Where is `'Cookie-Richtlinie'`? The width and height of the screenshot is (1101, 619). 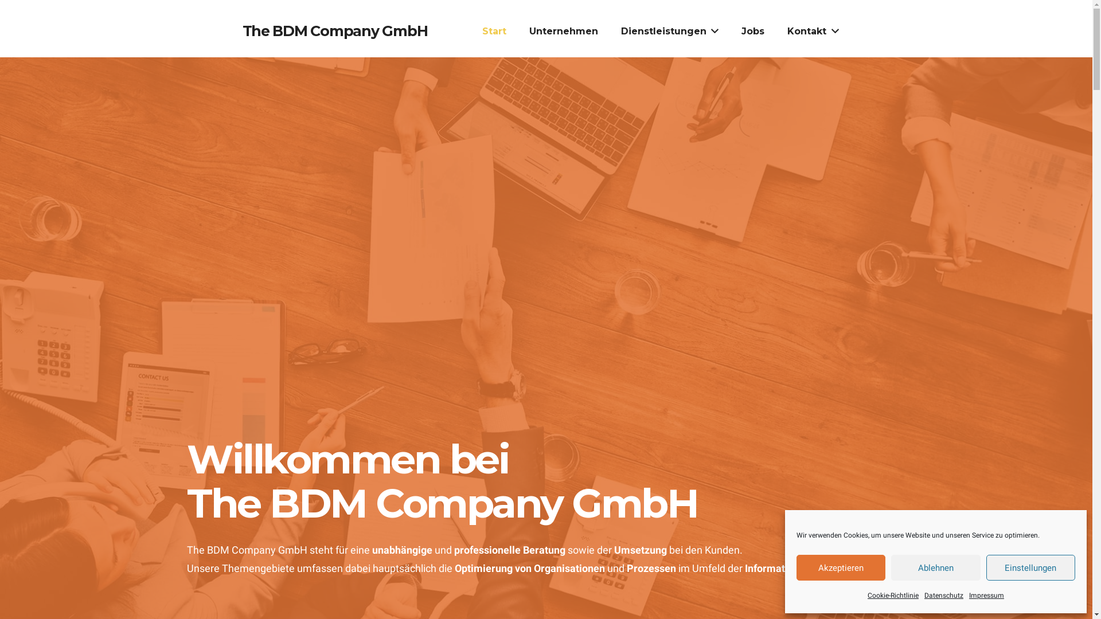
'Cookie-Richtlinie' is located at coordinates (892, 594).